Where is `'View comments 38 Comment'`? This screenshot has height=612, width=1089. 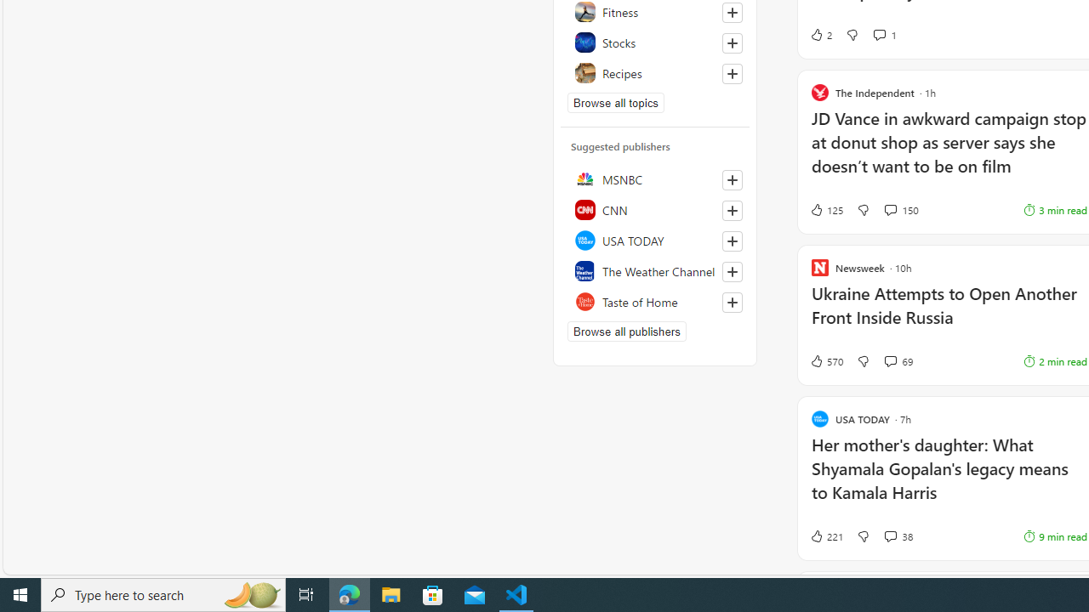
'View comments 38 Comment' is located at coordinates (898, 536).